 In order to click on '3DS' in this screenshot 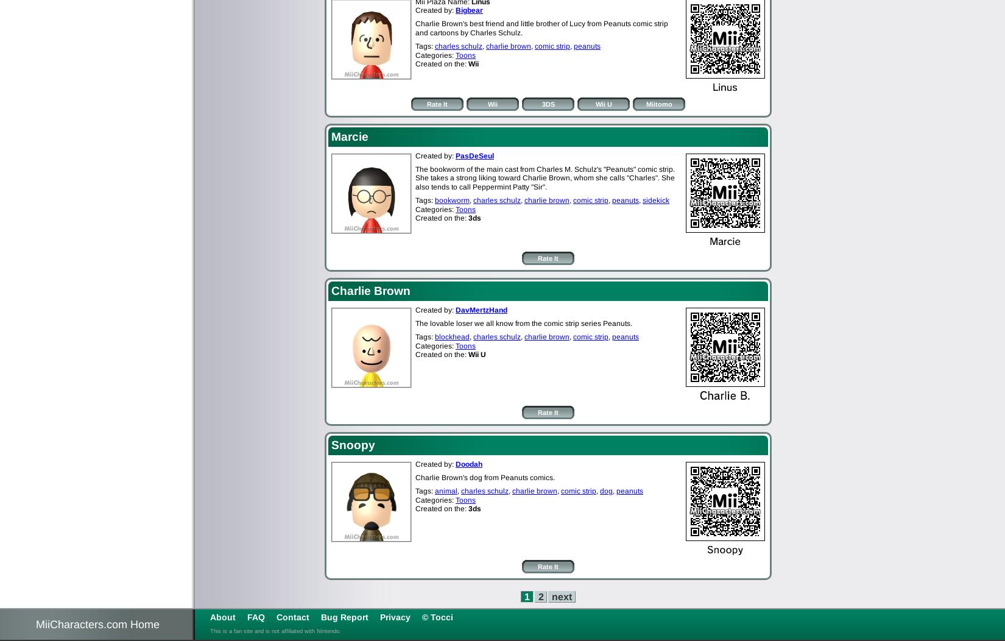, I will do `click(548, 103)`.